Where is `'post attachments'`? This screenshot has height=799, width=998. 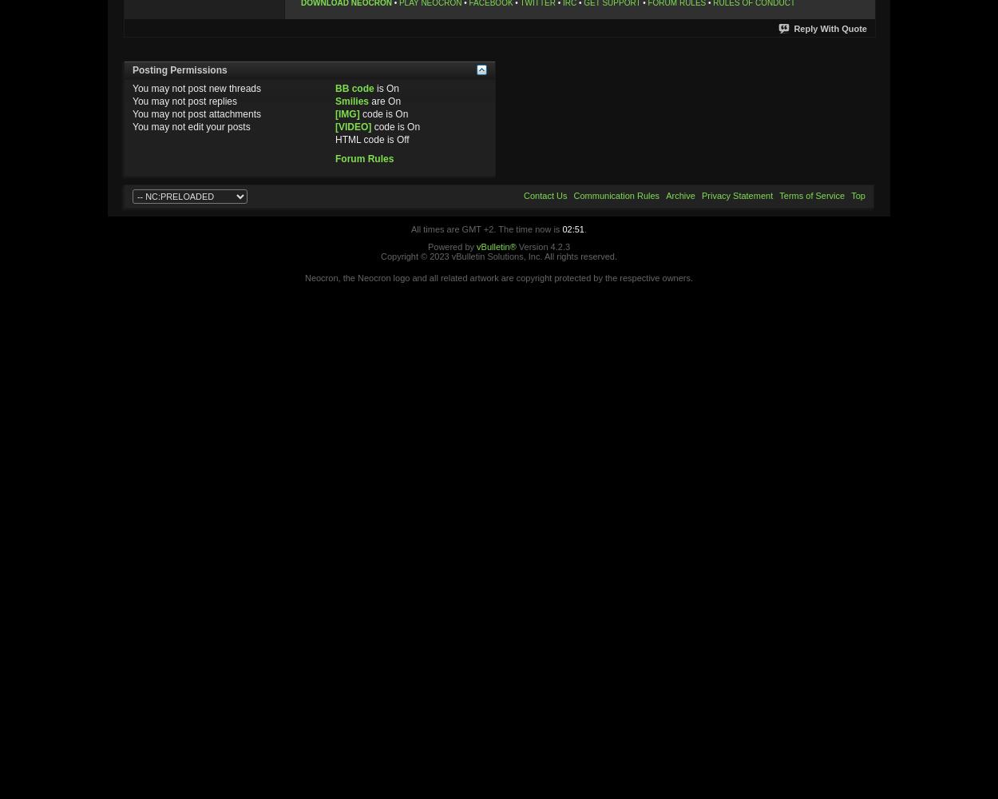
'post attachments' is located at coordinates (184, 113).